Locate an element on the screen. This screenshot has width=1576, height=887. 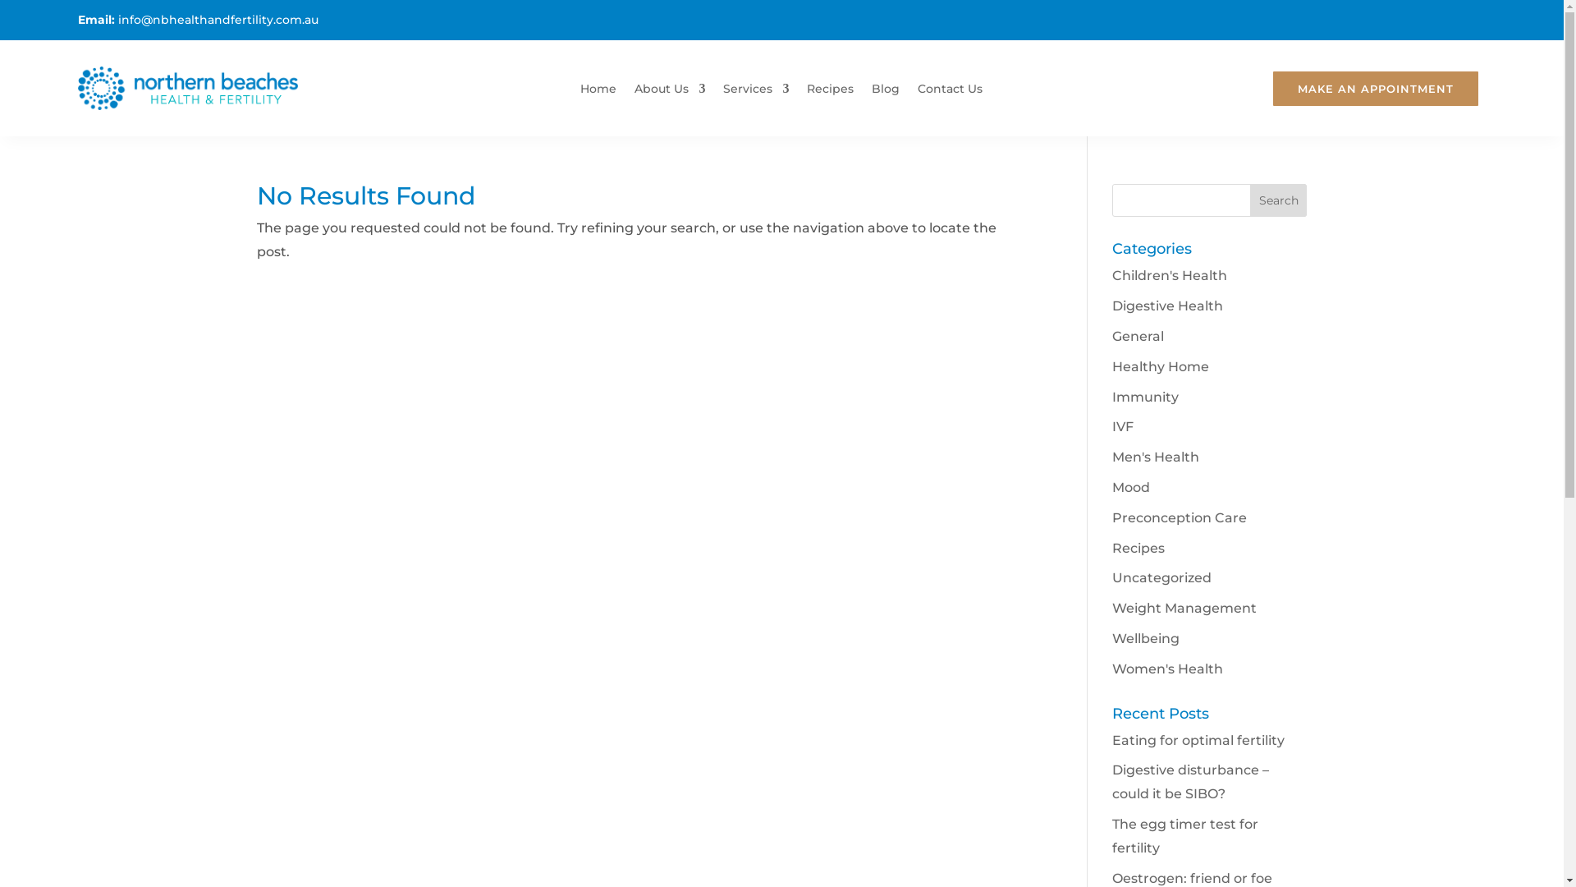
'Recipes' is located at coordinates (1138, 548).